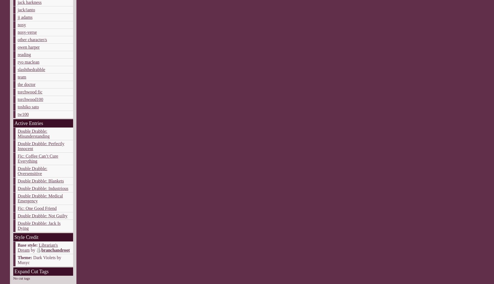  Describe the element at coordinates (17, 257) in the screenshot. I see `'Theme:'` at that location.